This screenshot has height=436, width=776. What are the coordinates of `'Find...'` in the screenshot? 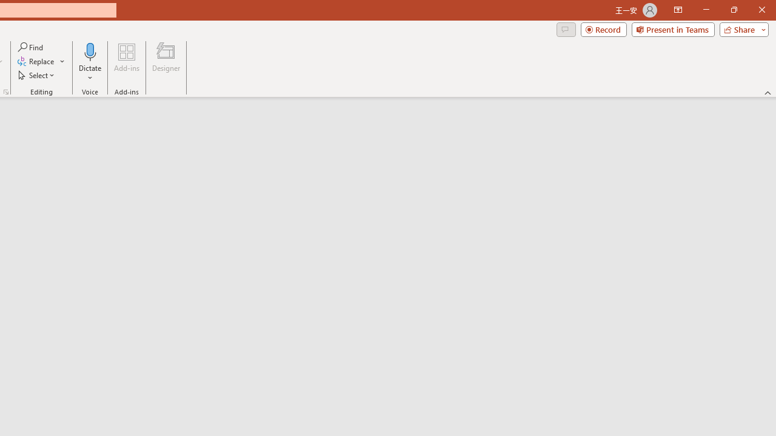 It's located at (31, 47).